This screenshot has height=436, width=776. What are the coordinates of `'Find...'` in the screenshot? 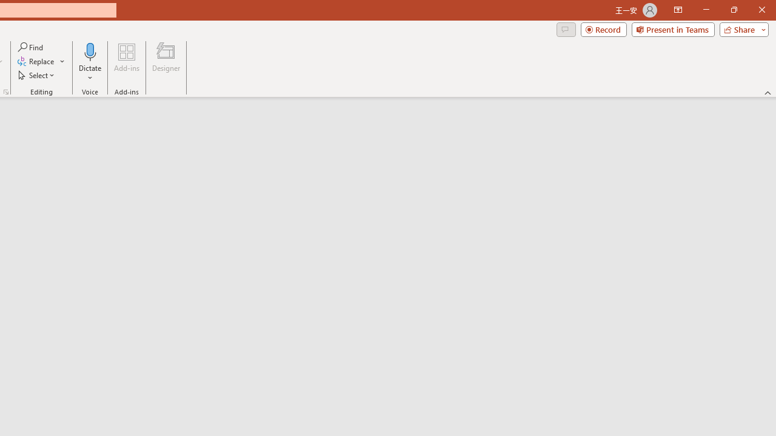 It's located at (31, 47).